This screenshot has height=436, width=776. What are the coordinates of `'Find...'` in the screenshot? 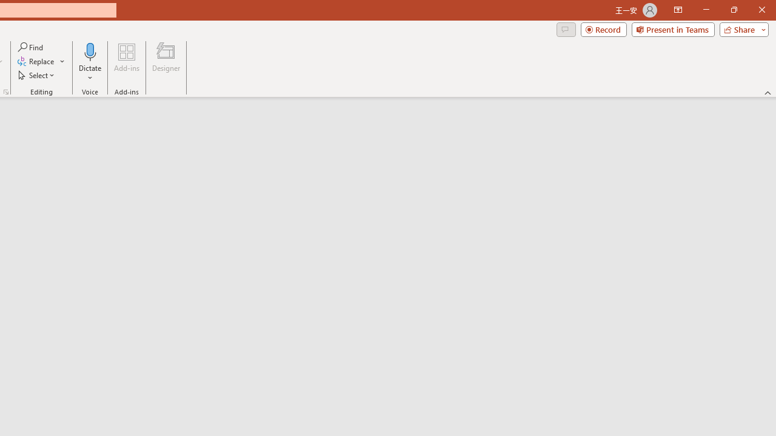 It's located at (31, 47).